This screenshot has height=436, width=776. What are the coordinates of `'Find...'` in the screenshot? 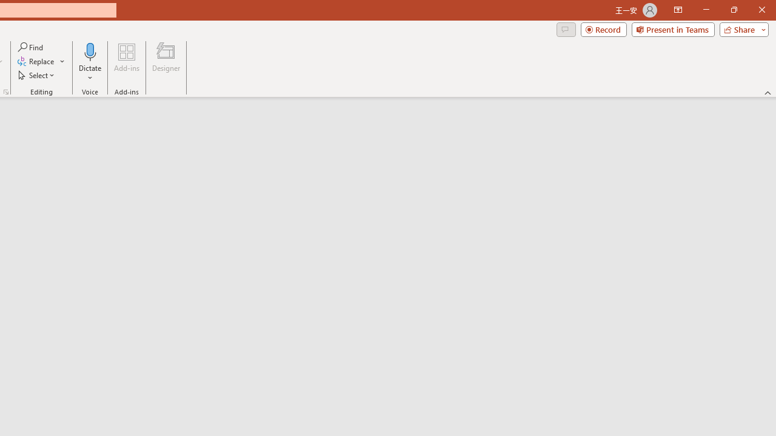 It's located at (31, 47).